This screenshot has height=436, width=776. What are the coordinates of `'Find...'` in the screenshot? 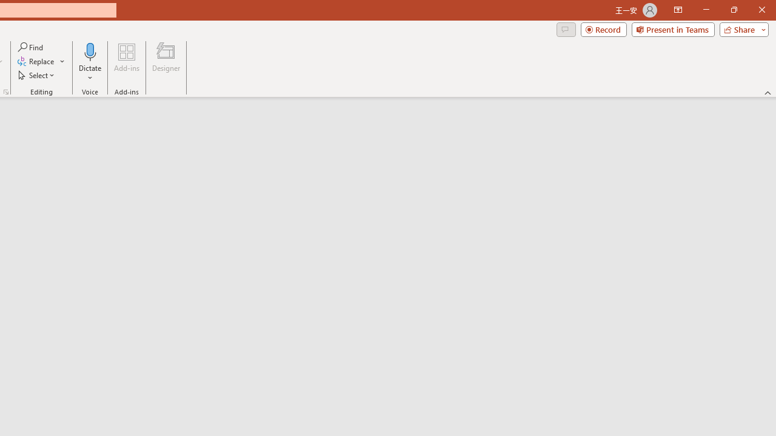 It's located at (31, 47).